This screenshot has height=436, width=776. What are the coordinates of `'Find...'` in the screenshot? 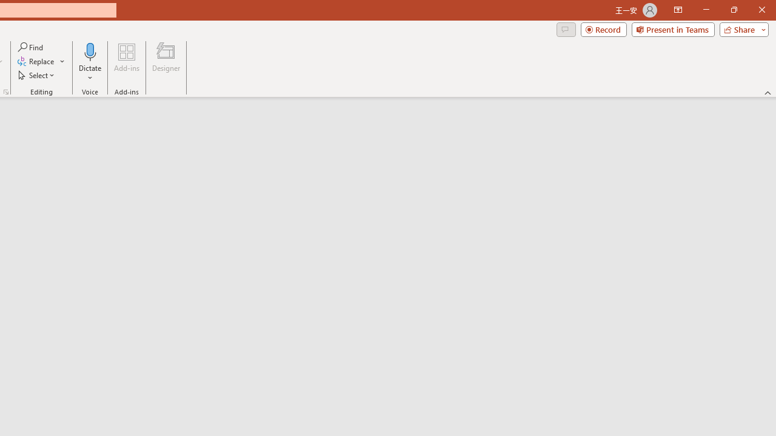 It's located at (31, 47).